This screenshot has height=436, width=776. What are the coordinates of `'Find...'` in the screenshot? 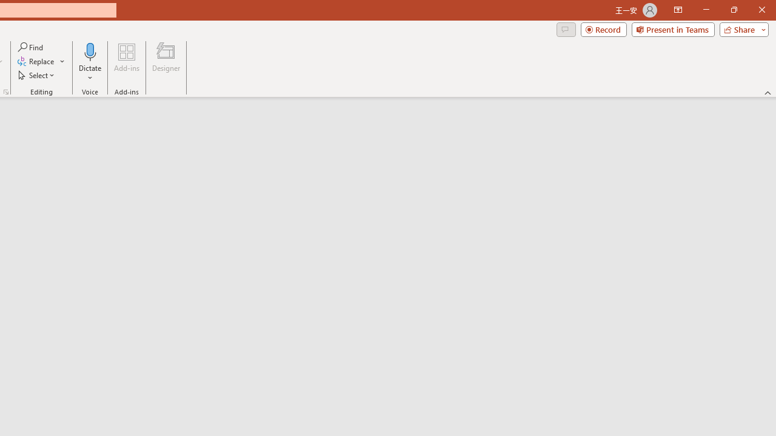 It's located at (31, 47).